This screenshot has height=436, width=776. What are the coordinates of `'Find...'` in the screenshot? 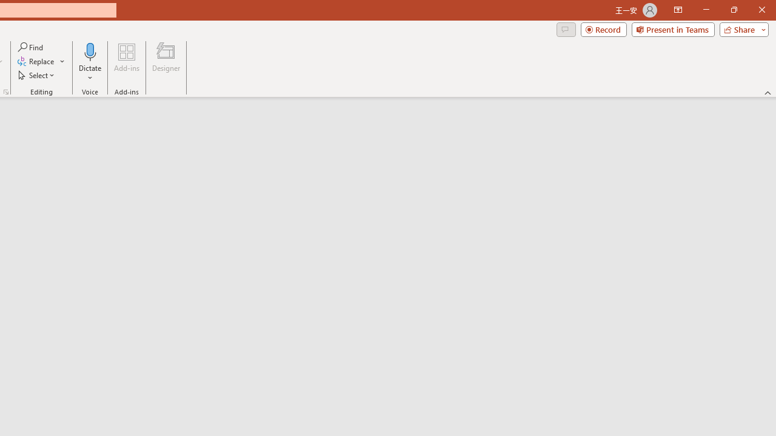 It's located at (31, 47).